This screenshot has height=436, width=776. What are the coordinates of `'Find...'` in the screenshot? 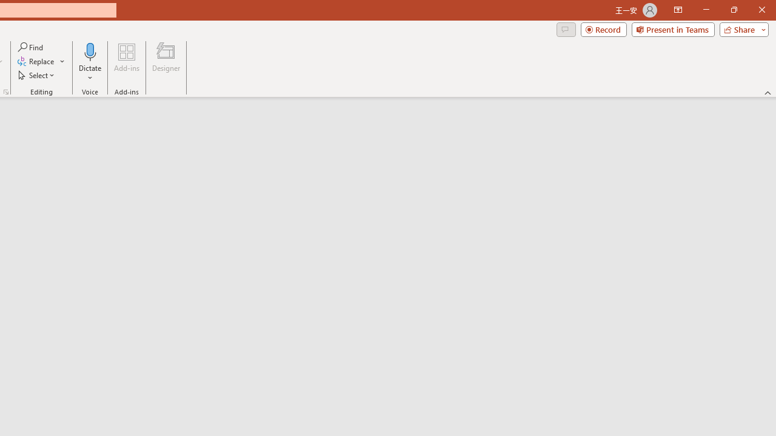 It's located at (31, 47).